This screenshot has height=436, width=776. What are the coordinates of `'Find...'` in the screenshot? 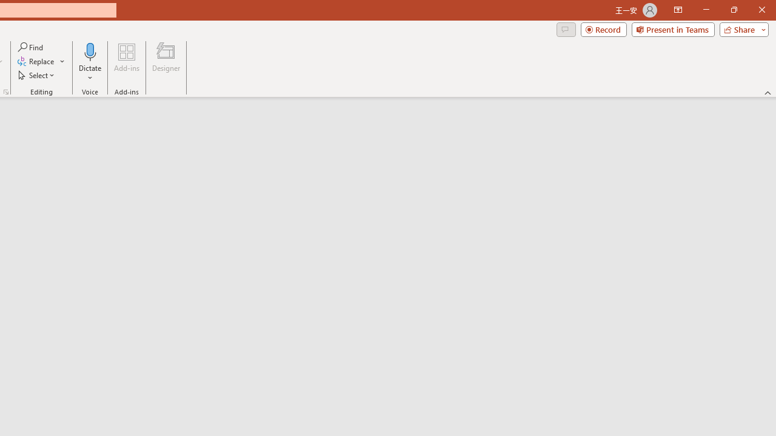 It's located at (31, 47).